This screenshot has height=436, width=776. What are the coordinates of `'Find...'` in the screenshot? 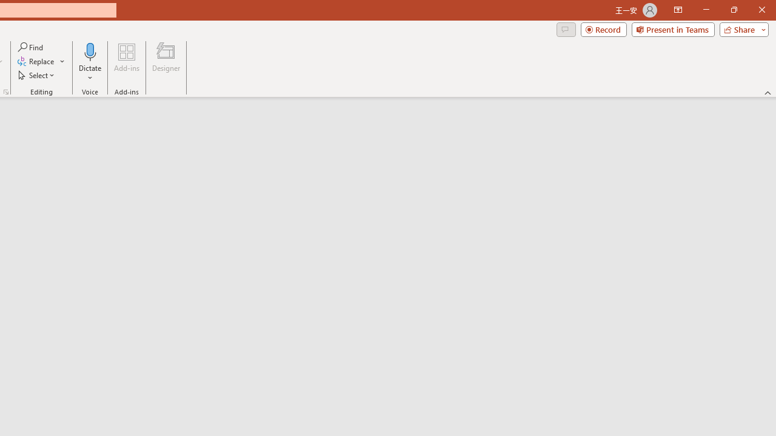 It's located at (31, 47).